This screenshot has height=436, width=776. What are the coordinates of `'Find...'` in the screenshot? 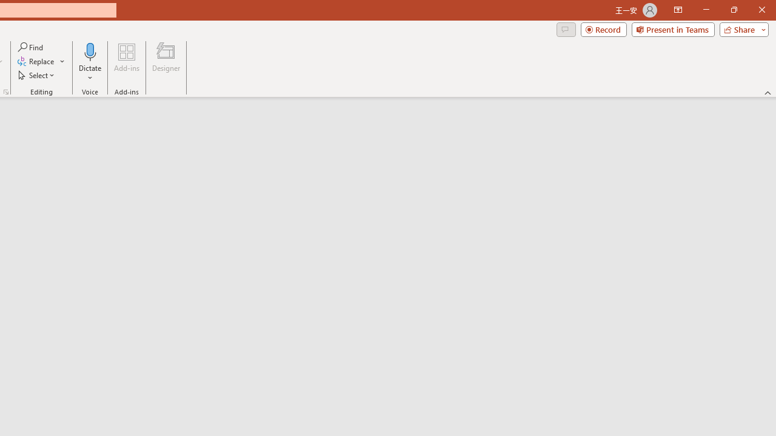 It's located at (31, 47).